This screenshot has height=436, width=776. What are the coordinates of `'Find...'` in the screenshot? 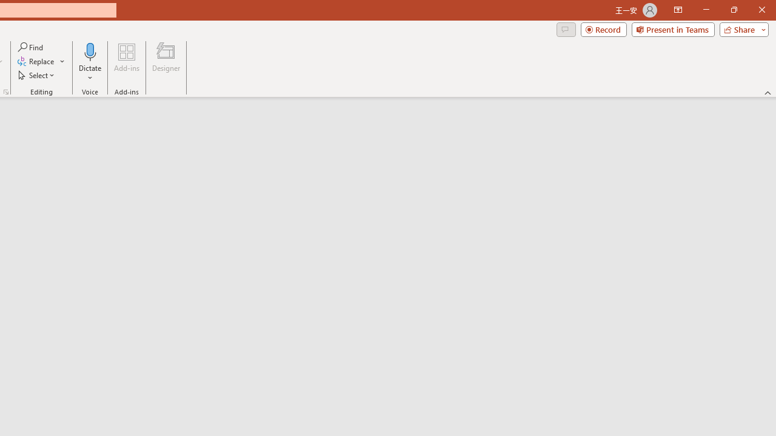 It's located at (31, 47).